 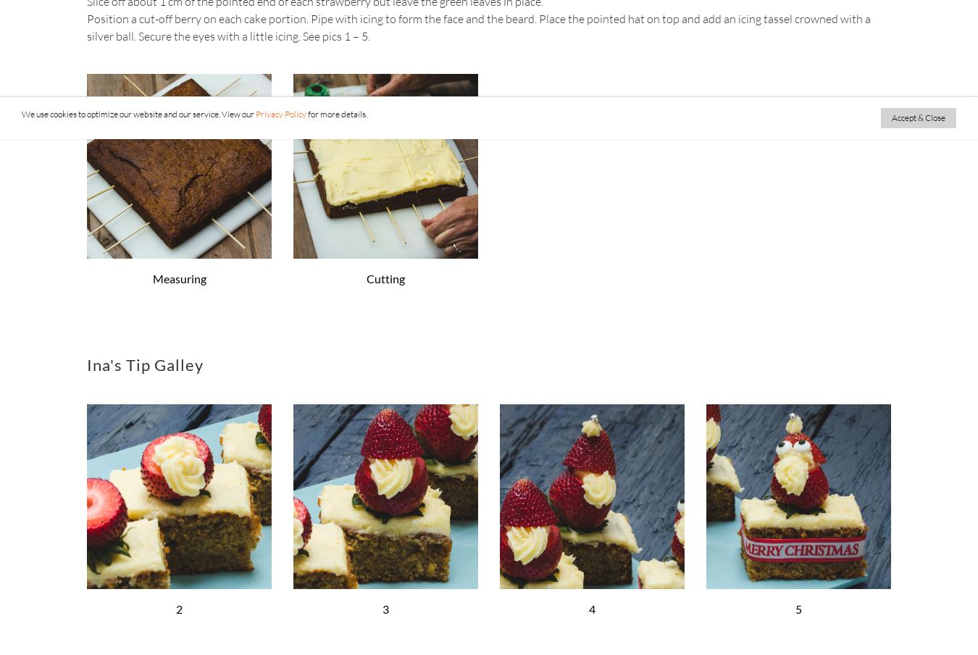 I want to click on 'Privacy Policy', so click(x=280, y=113).